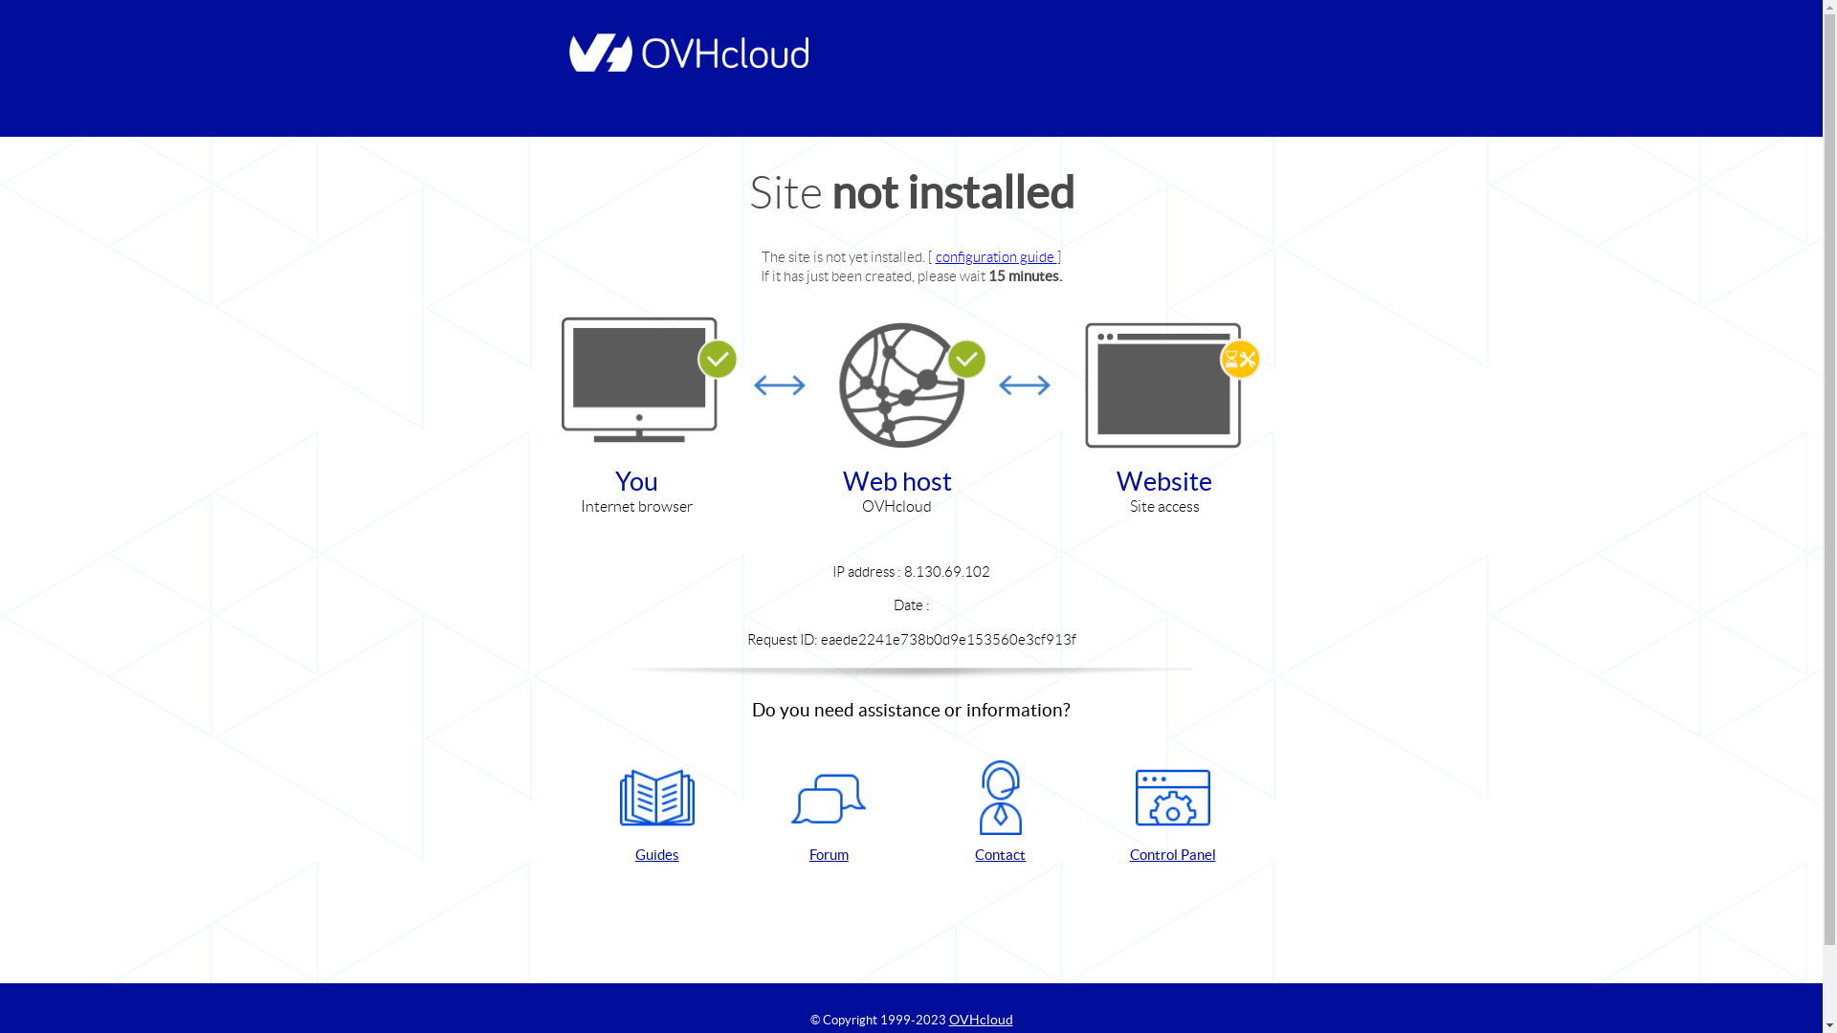  I want to click on 'configuration guide', so click(995, 255).